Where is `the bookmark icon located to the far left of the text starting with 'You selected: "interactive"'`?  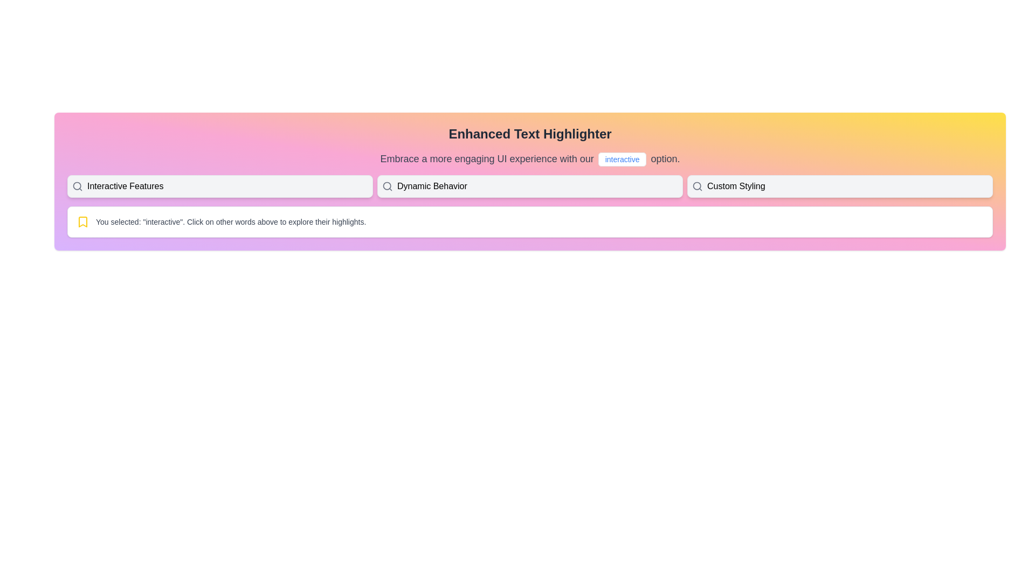 the bookmark icon located to the far left of the text starting with 'You selected: "interactive"' is located at coordinates (82, 221).